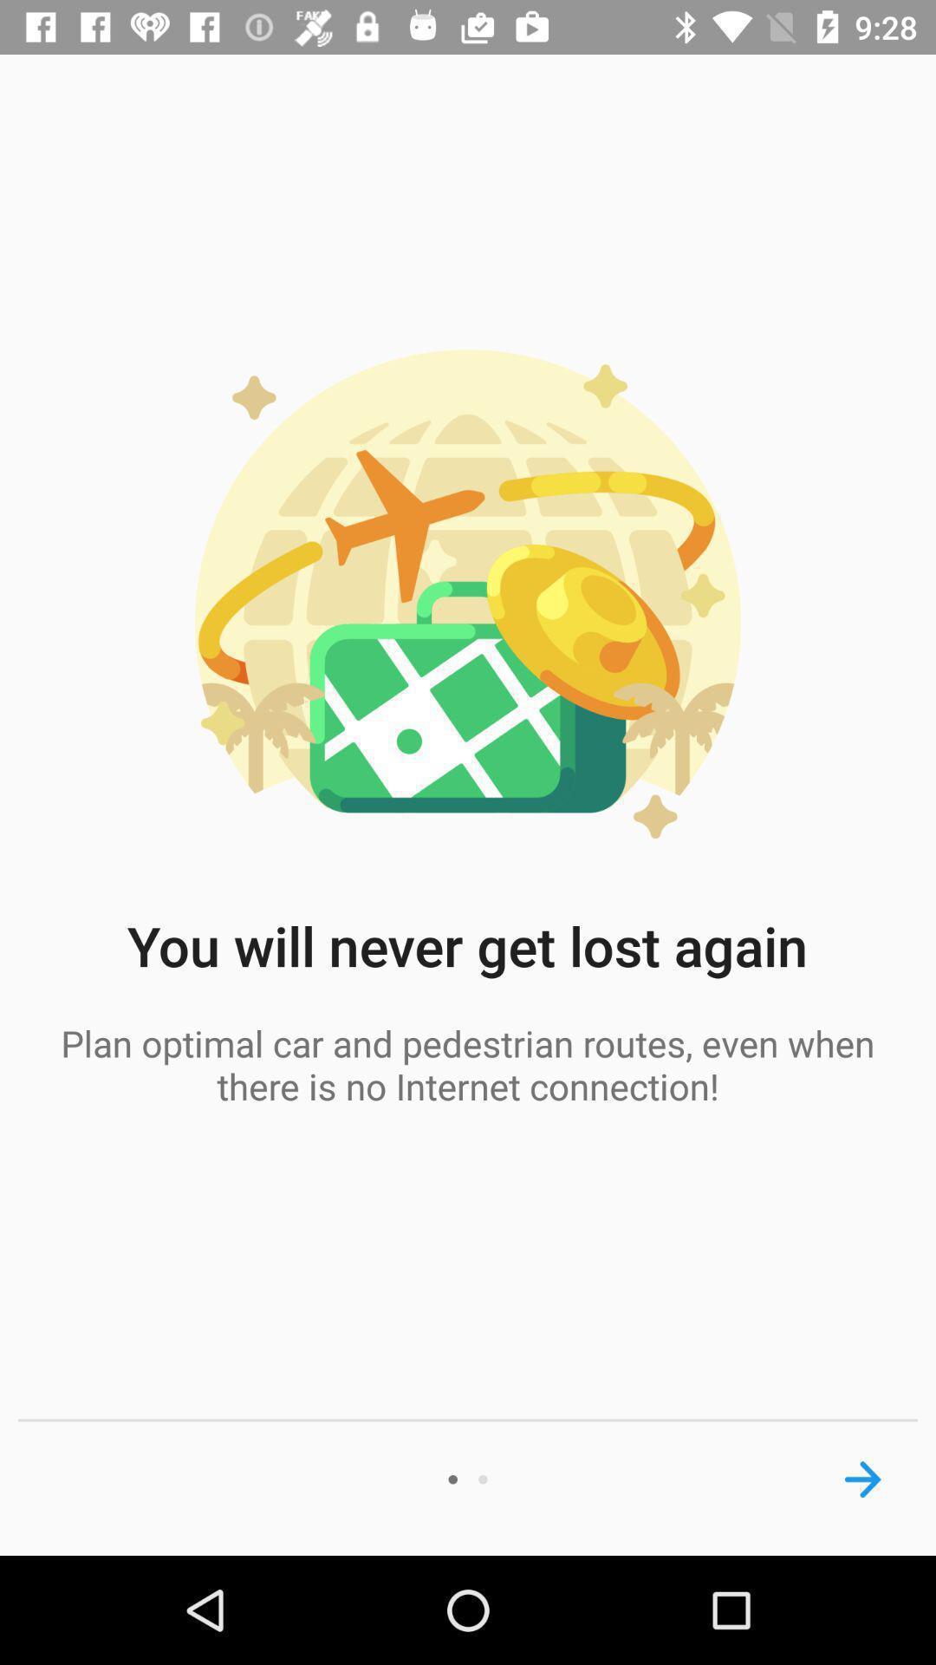  Describe the element at coordinates (862, 1479) in the screenshot. I see `next button on an app` at that location.